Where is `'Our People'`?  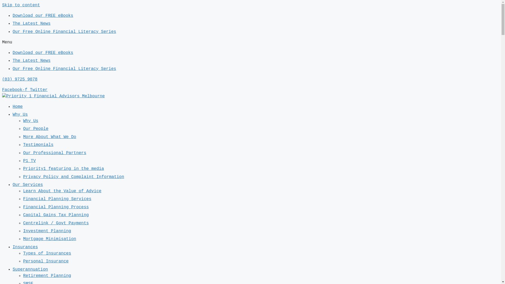
'Our People' is located at coordinates (35, 129).